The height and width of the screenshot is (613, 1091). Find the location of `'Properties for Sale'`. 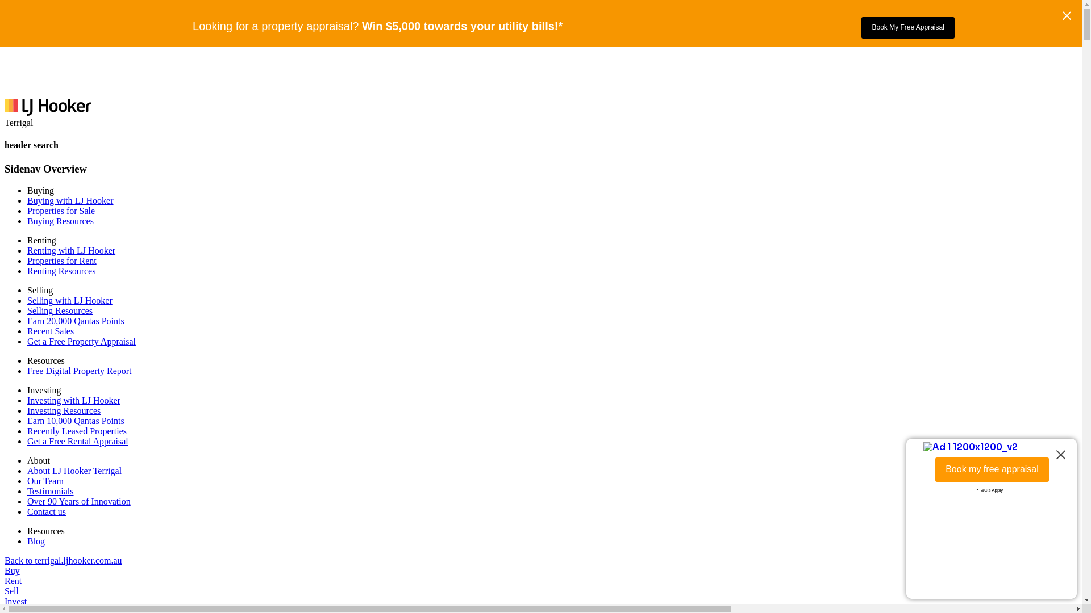

'Properties for Sale' is located at coordinates (60, 211).